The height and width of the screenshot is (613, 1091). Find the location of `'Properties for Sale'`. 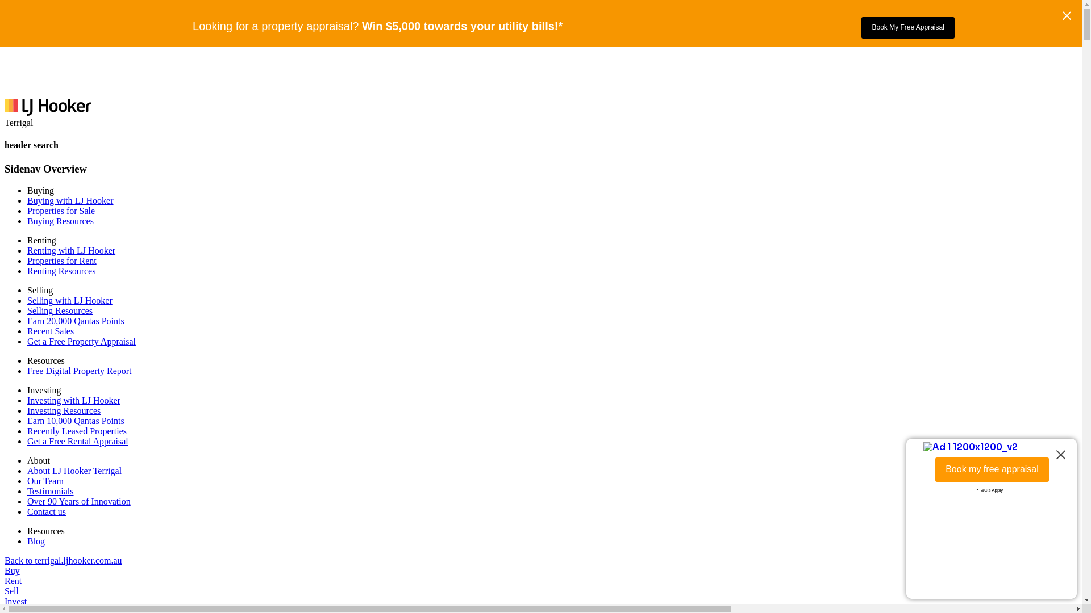

'Properties for Sale' is located at coordinates (60, 211).